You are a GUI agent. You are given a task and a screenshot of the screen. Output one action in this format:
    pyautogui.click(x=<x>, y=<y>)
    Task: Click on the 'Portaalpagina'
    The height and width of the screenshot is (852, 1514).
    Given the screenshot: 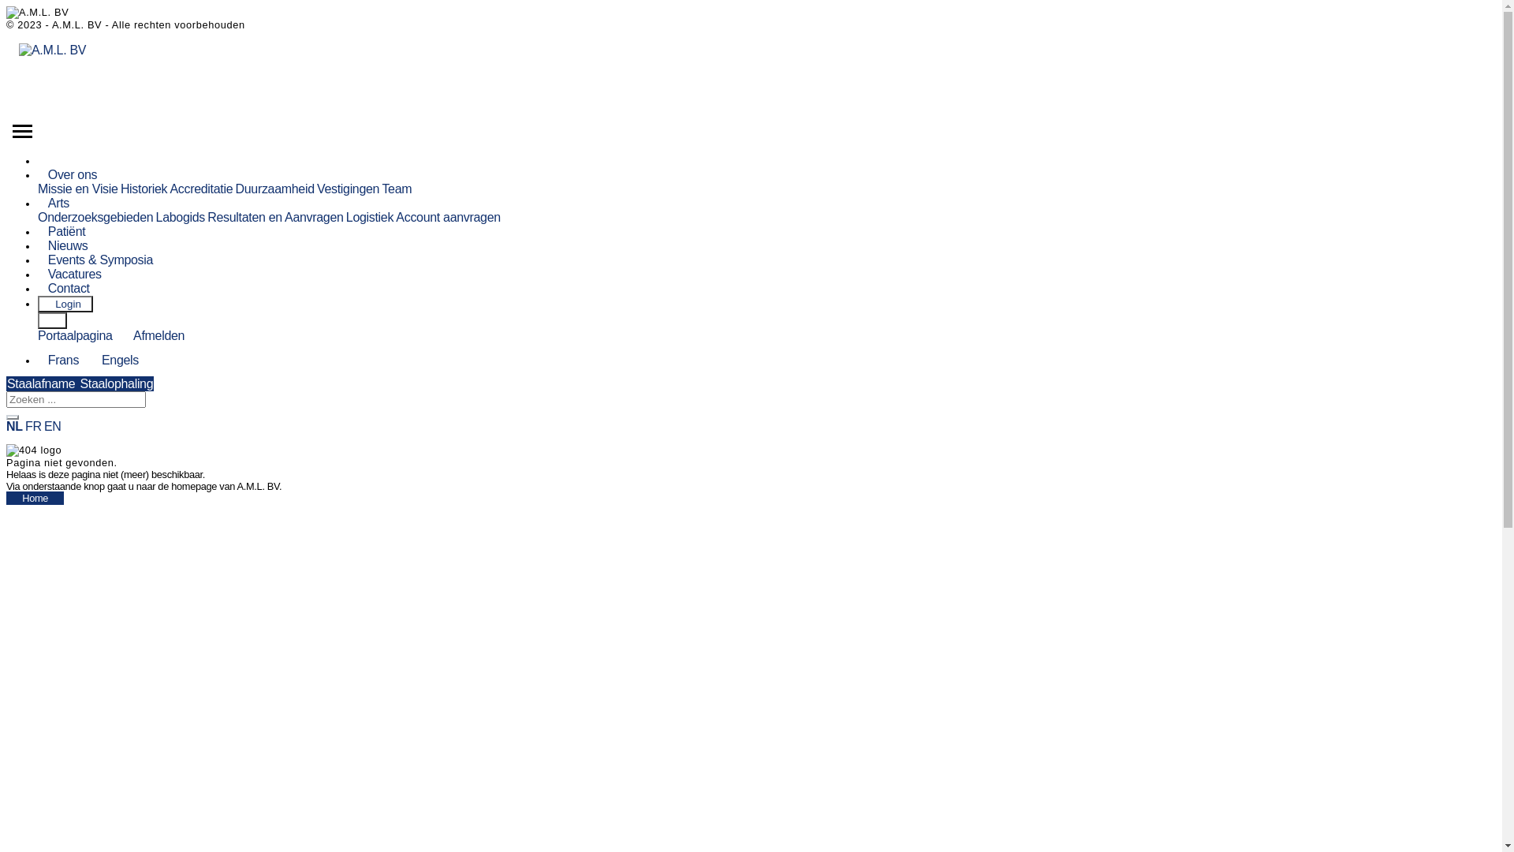 What is the action you would take?
    pyautogui.click(x=74, y=334)
    